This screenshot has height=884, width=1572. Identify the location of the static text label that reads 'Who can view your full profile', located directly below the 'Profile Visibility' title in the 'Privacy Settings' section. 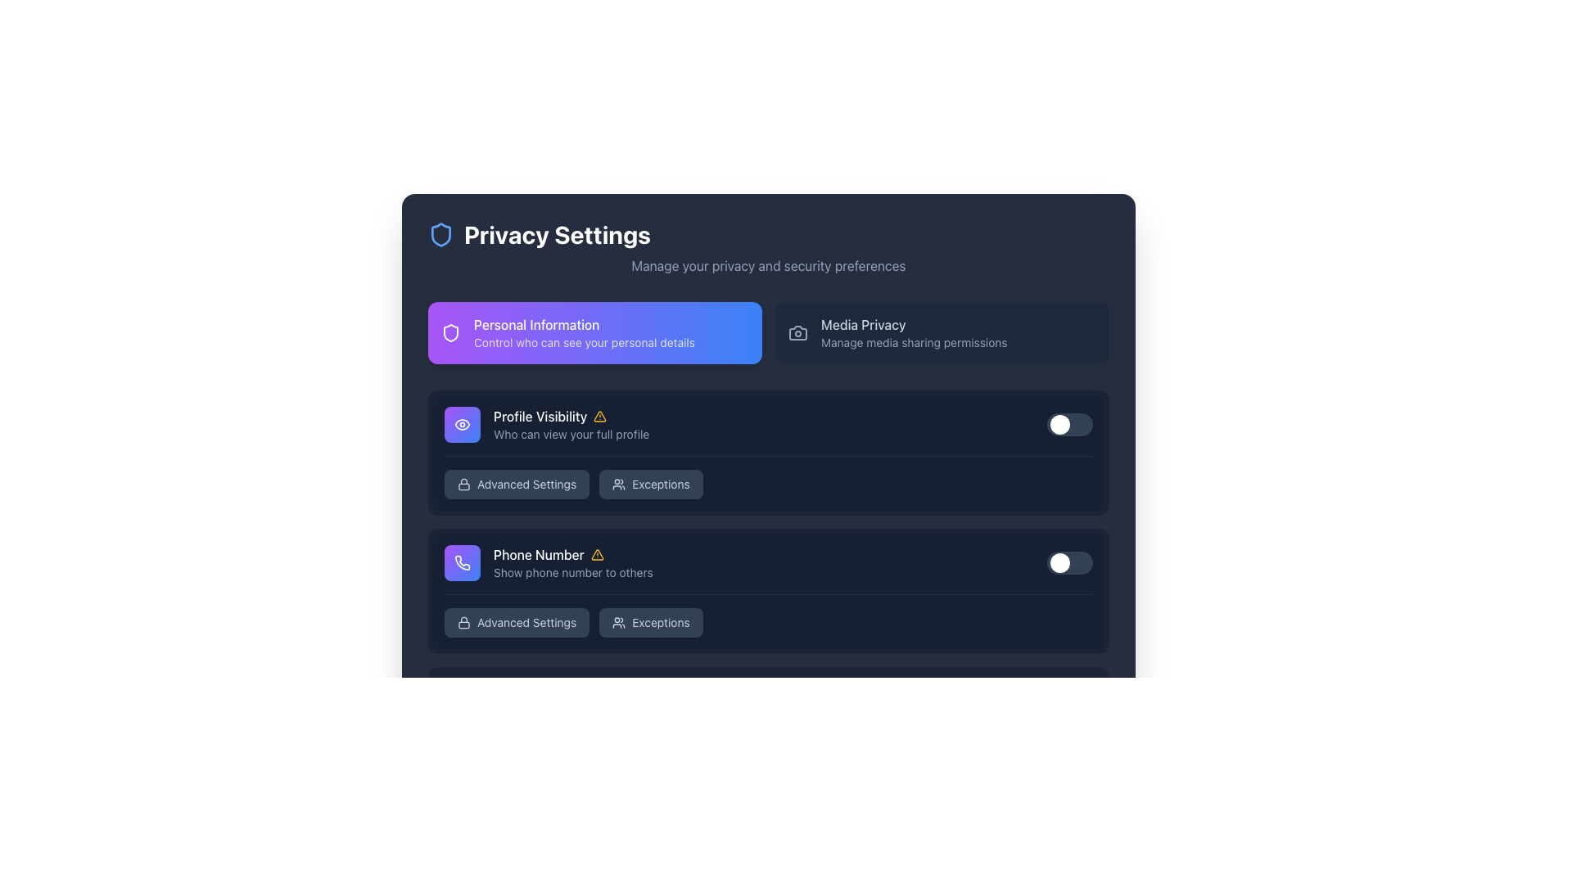
(571, 434).